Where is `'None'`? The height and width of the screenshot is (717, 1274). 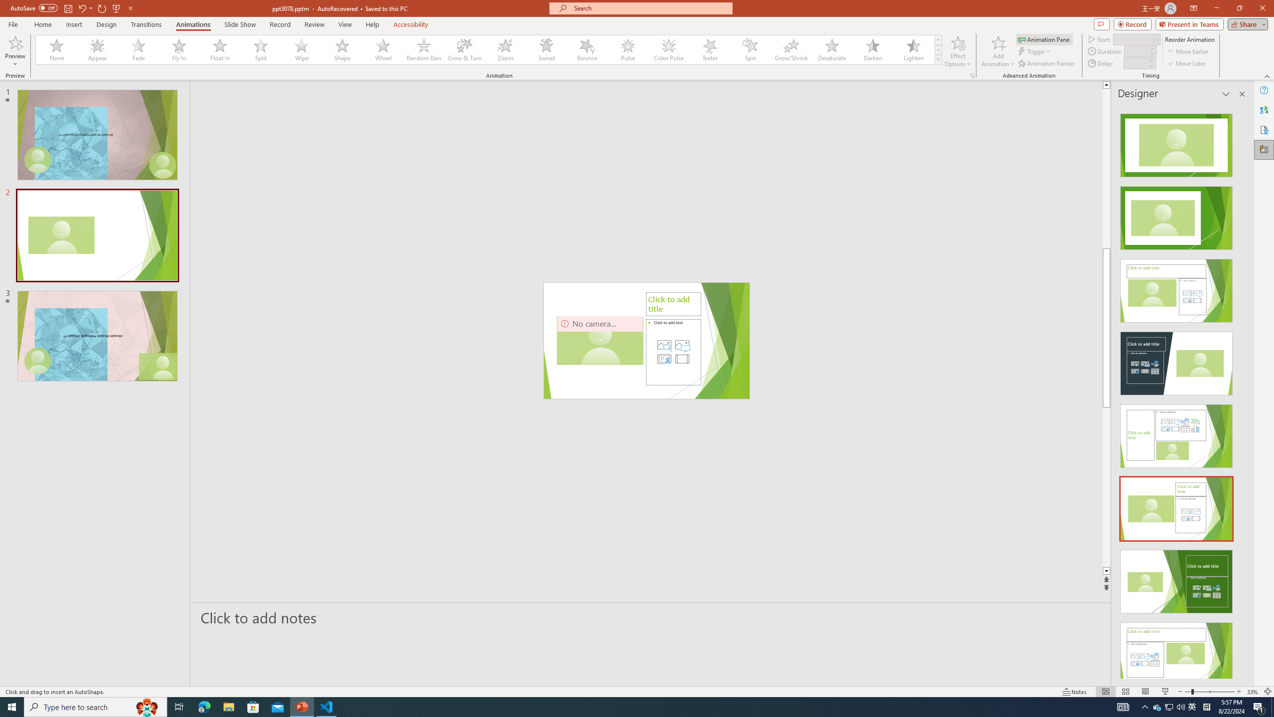
'None' is located at coordinates (57, 49).